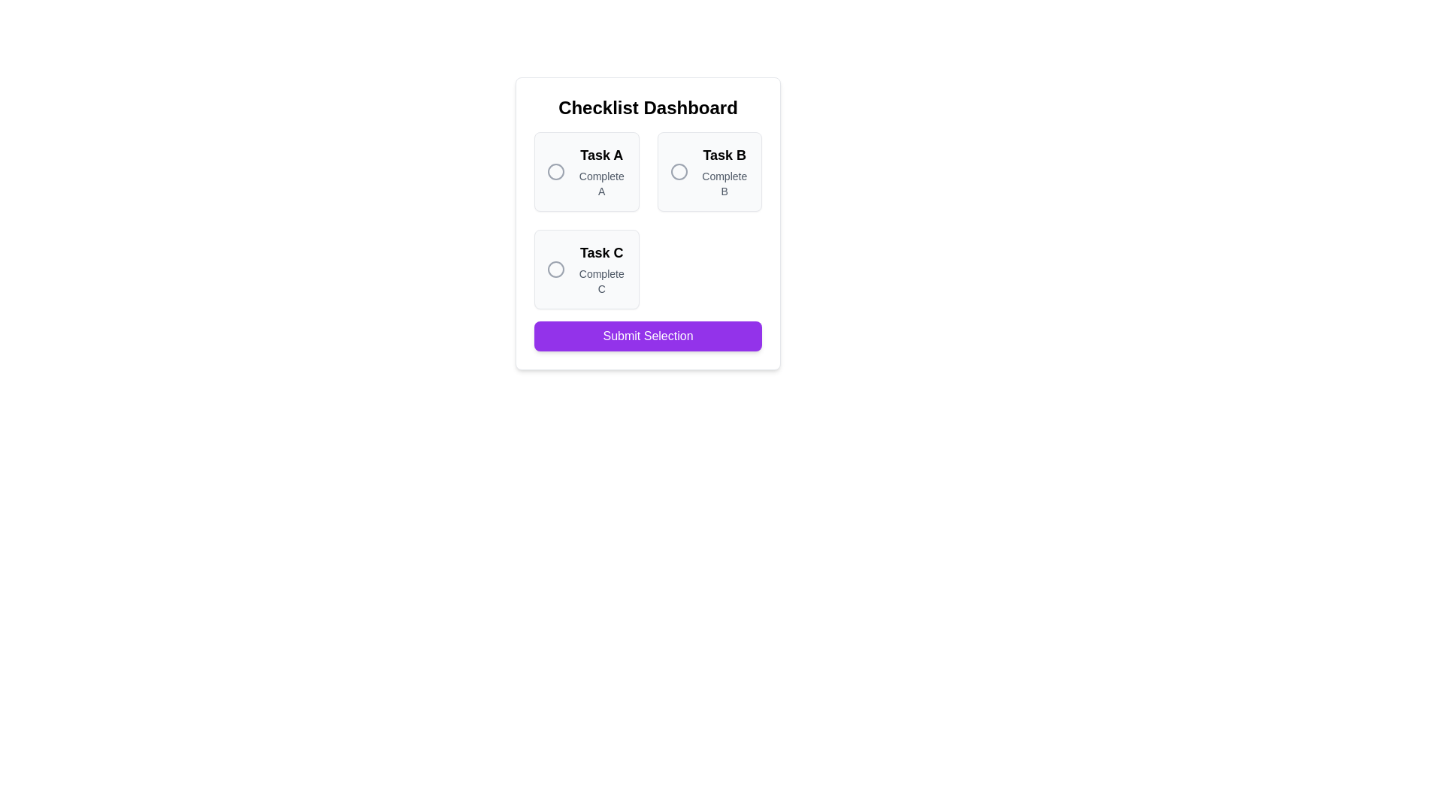  Describe the element at coordinates (725, 170) in the screenshot. I see `the Label group displaying the title 'Task B' and subtitle 'Complete B', which is styled with a larger bold font and smaller gray-toned font, located in the checklist dashboard interface` at that location.